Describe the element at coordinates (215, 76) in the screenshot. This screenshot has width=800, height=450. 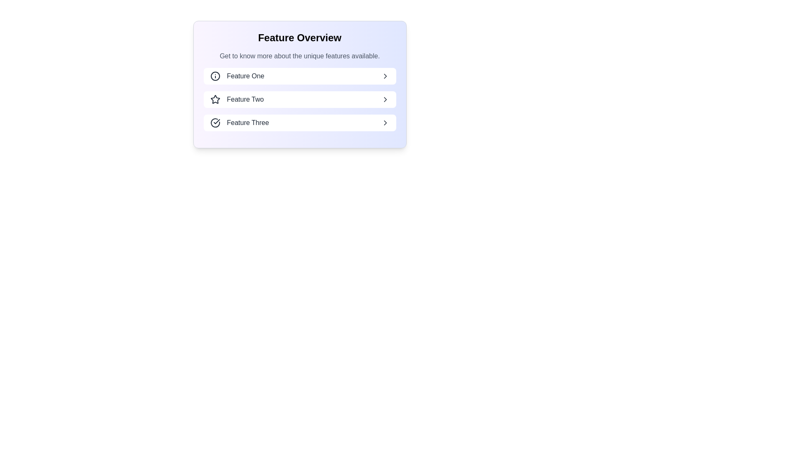
I see `the icon indicating 'Feature One', which is the first visual component in the row aligned horizontally with the text` at that location.